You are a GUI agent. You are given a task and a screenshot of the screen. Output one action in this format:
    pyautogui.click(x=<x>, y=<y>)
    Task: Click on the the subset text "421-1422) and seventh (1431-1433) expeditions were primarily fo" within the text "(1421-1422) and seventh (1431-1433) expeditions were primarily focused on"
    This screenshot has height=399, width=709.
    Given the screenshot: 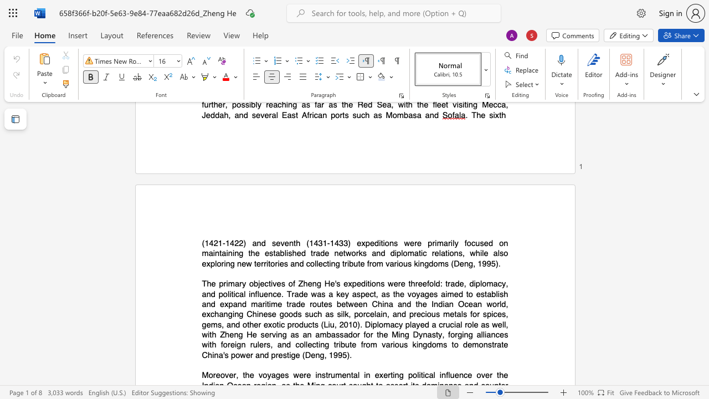 What is the action you would take?
    pyautogui.click(x=209, y=242)
    